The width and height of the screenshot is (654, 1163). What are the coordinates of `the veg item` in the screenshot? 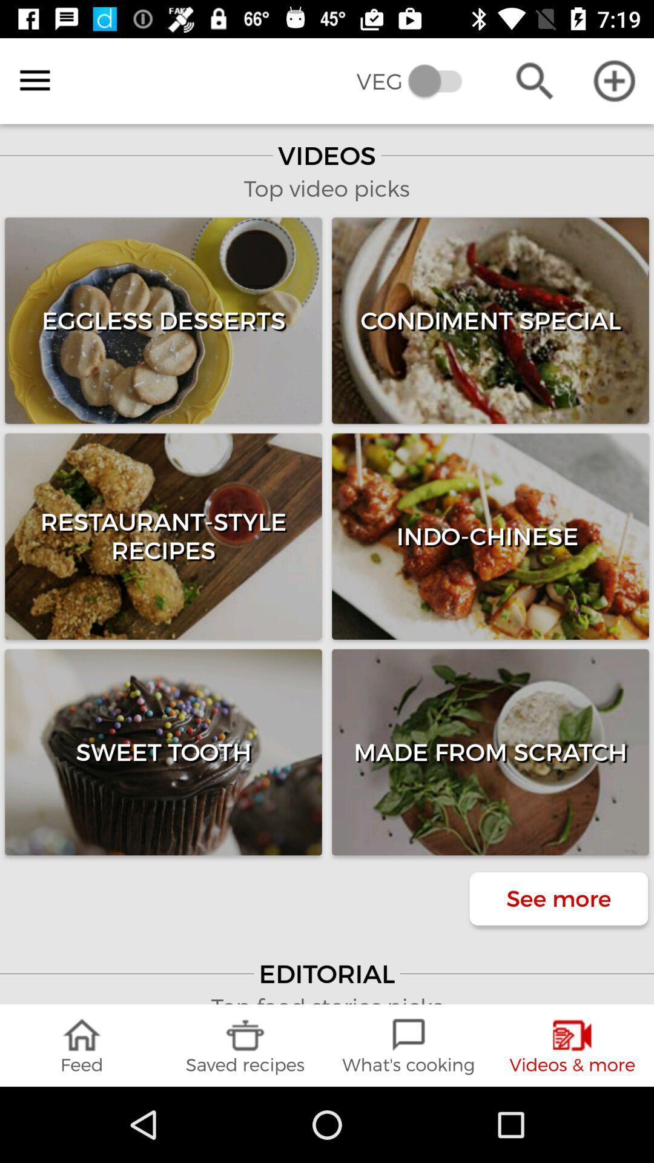 It's located at (417, 80).